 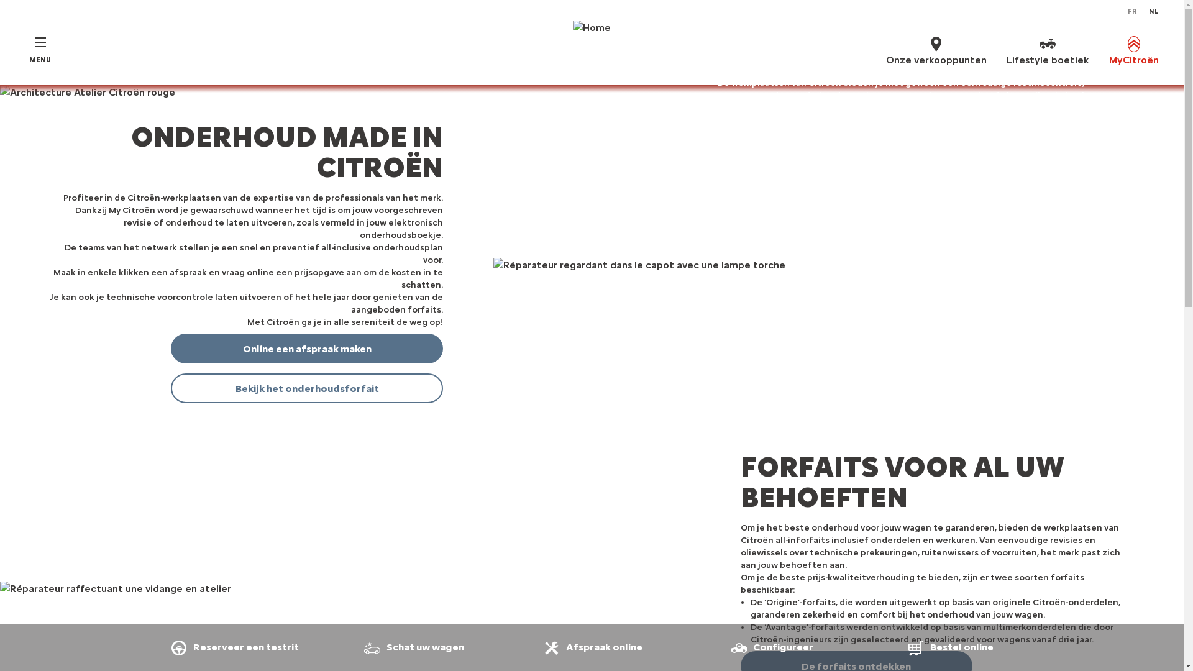 I want to click on 'Schat uw wagen', so click(x=412, y=646).